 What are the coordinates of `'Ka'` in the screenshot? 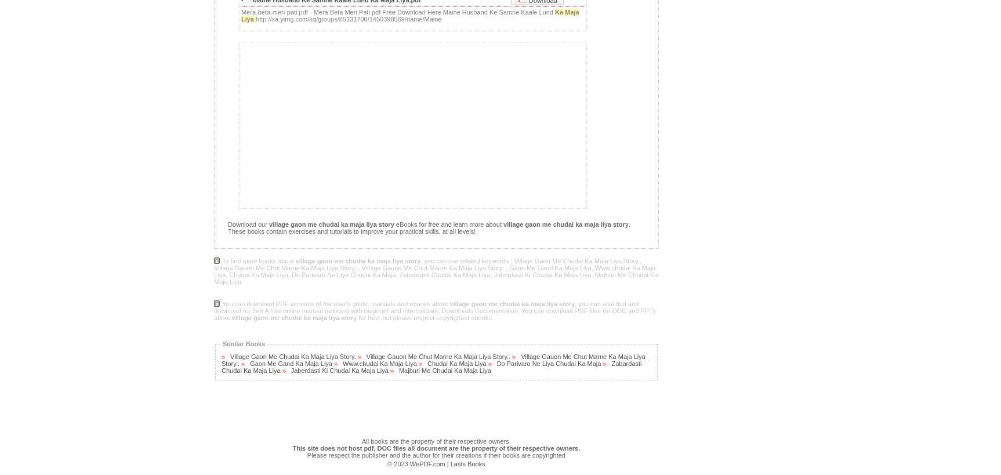 It's located at (559, 11).